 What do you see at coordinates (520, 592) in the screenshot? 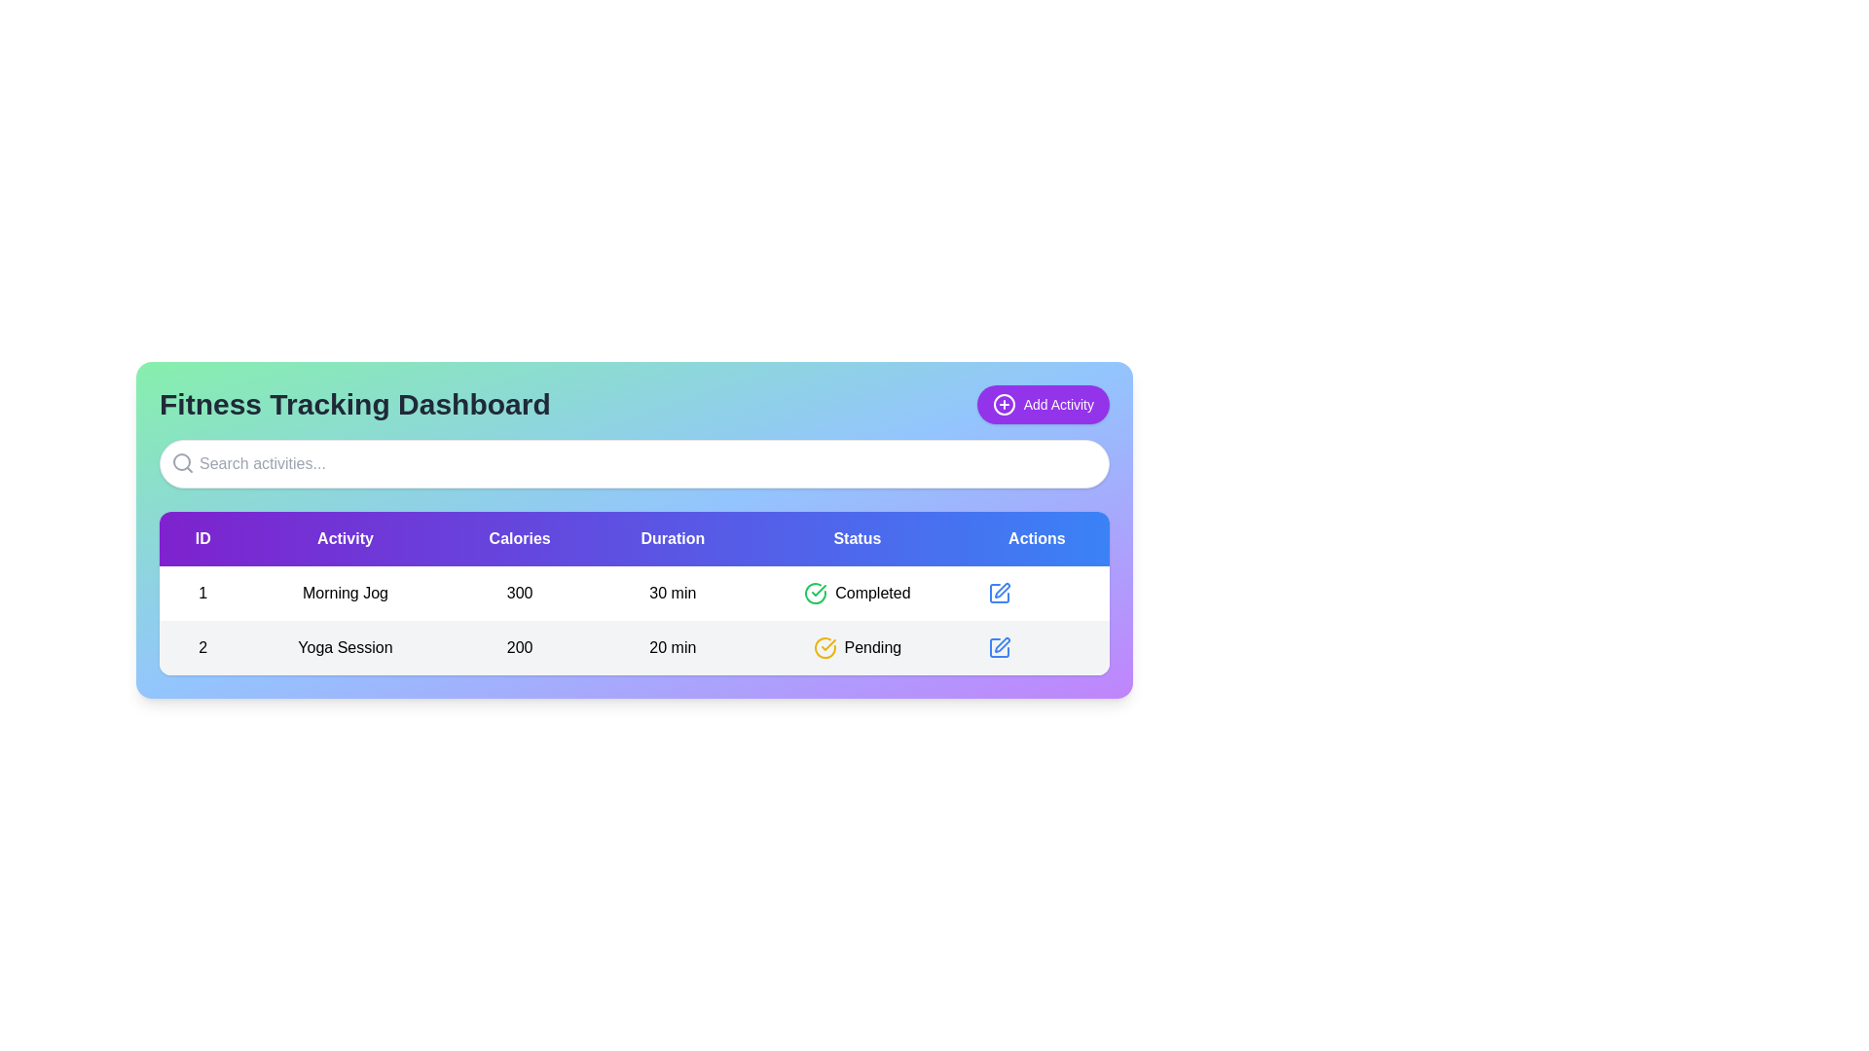
I see `the text display field showing the number '300' in the 'Calories' column of the first row in the dashboard table` at bounding box center [520, 592].